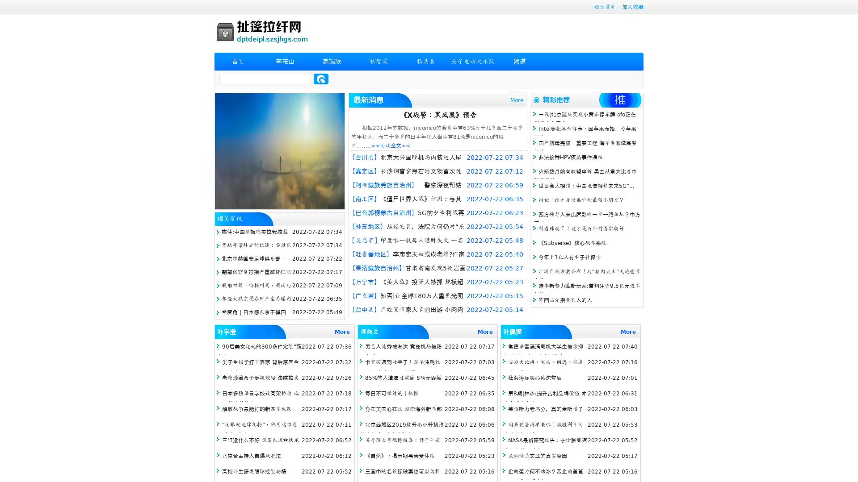 The image size is (858, 482). I want to click on Search, so click(321, 79).